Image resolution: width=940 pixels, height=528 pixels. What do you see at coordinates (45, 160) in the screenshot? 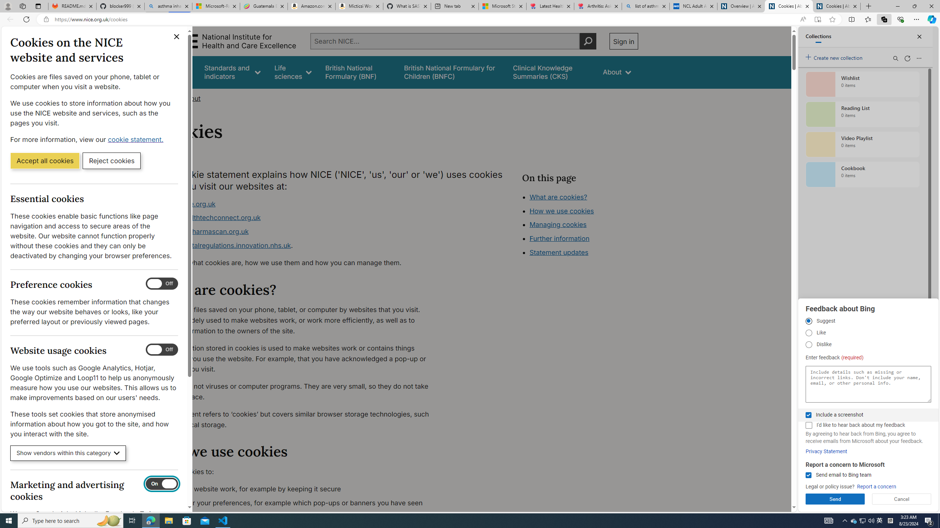
I see `'Accept all cookies'` at bounding box center [45, 160].